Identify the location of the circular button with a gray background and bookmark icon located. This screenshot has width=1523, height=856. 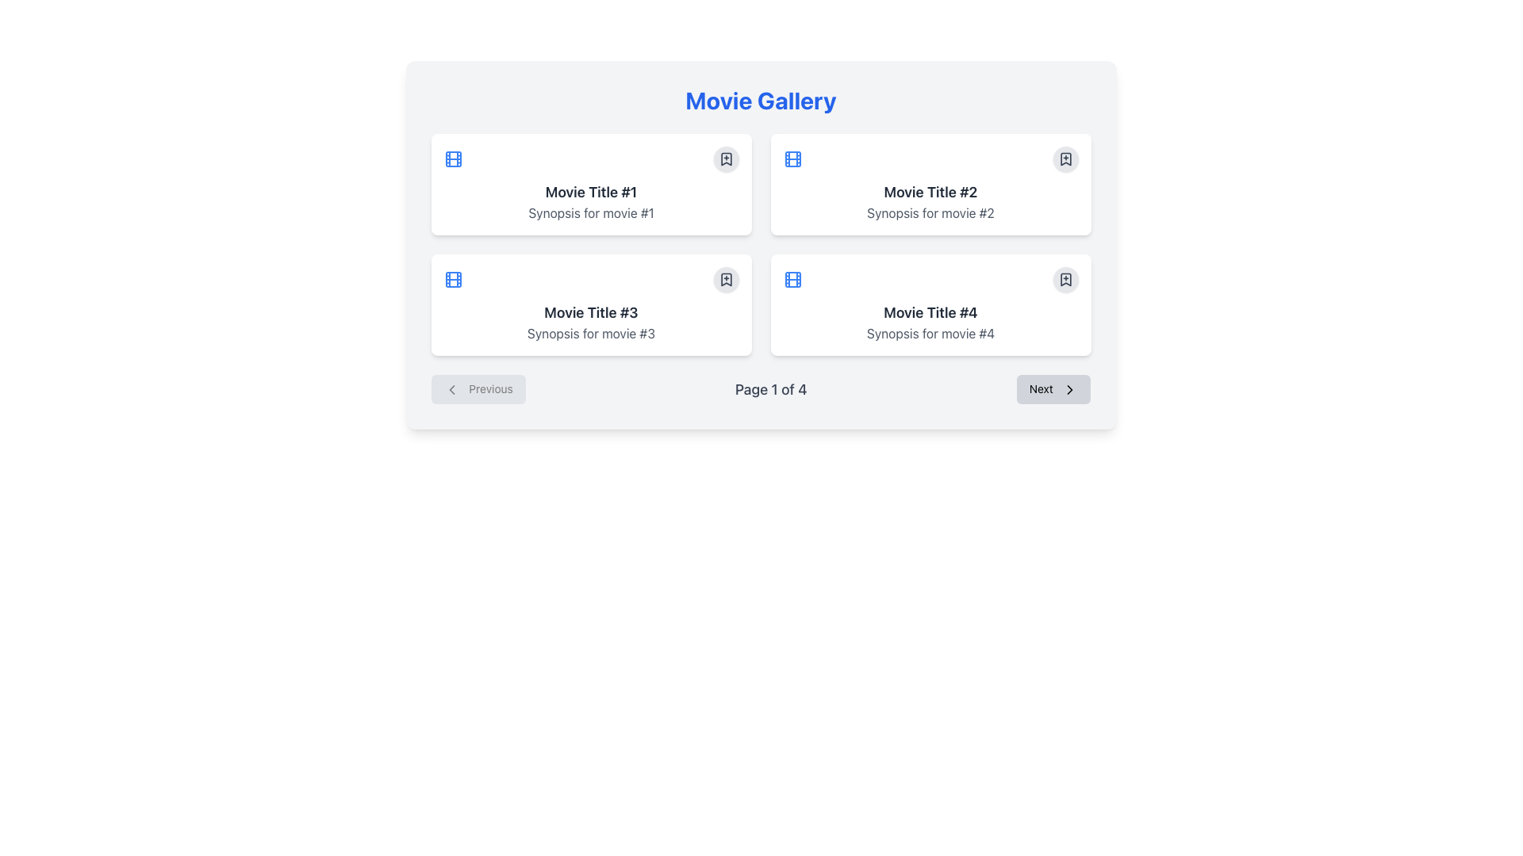
(725, 159).